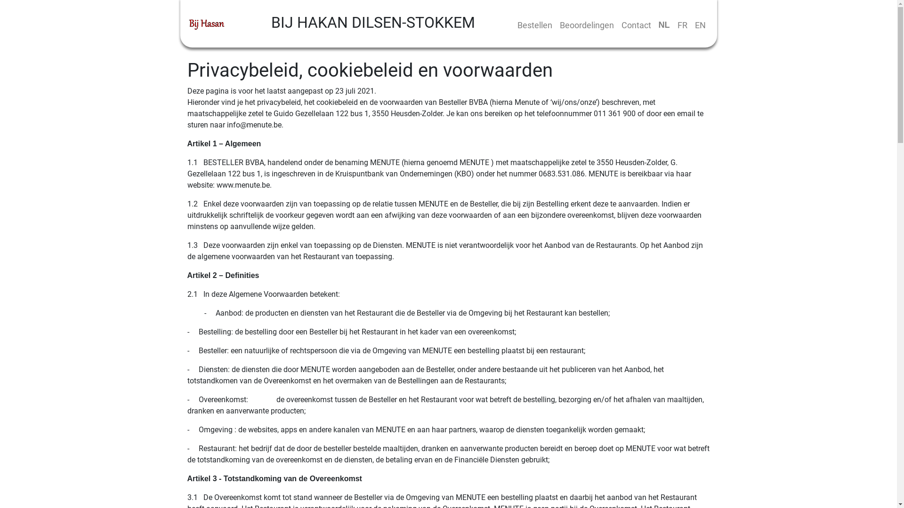 Image resolution: width=904 pixels, height=508 pixels. I want to click on 'Contact', so click(636, 24).